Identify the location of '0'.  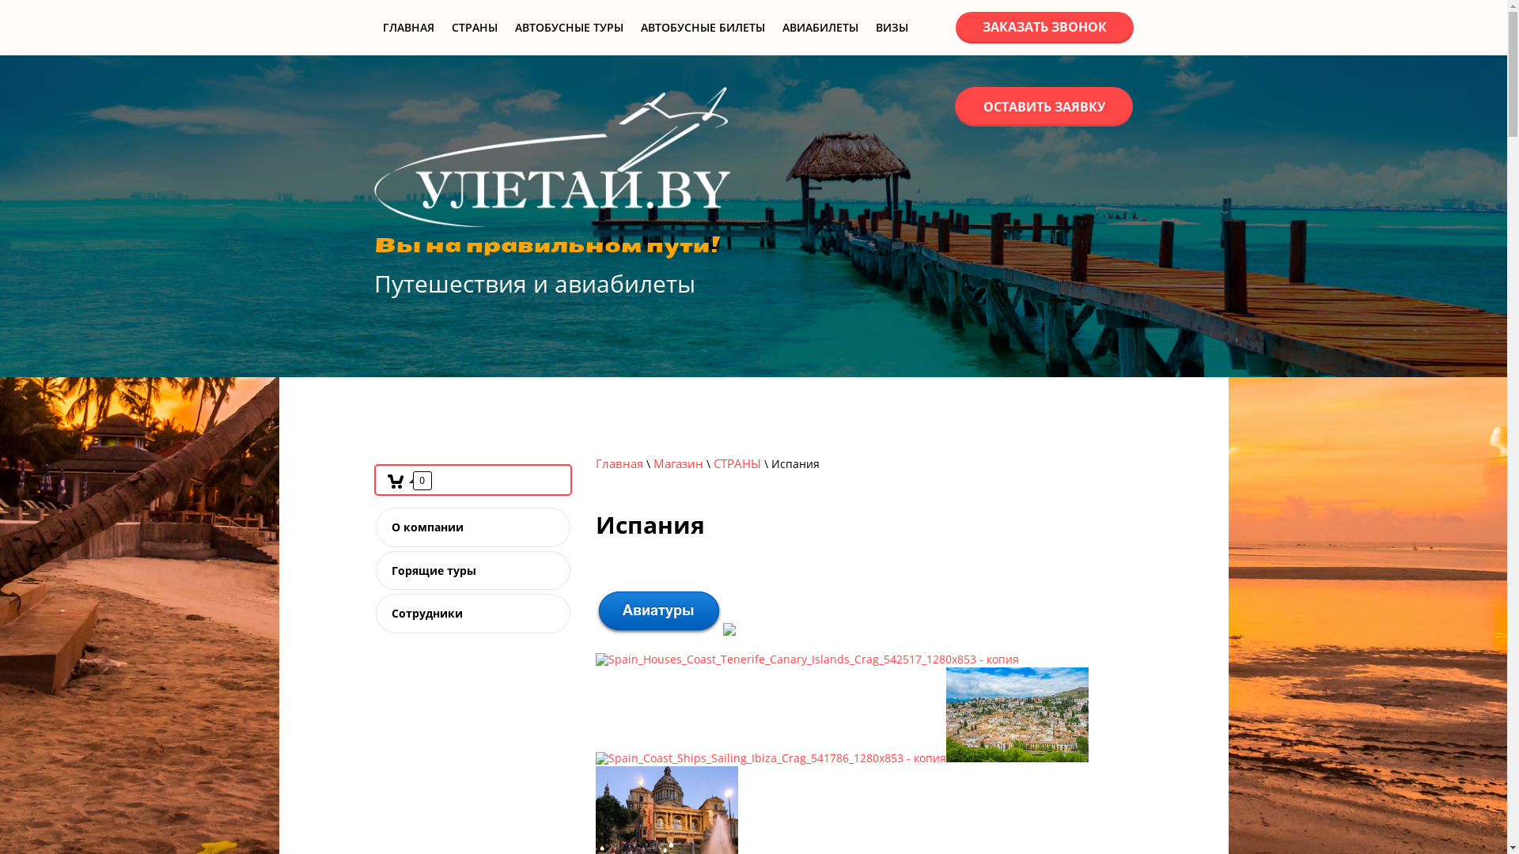
(406, 480).